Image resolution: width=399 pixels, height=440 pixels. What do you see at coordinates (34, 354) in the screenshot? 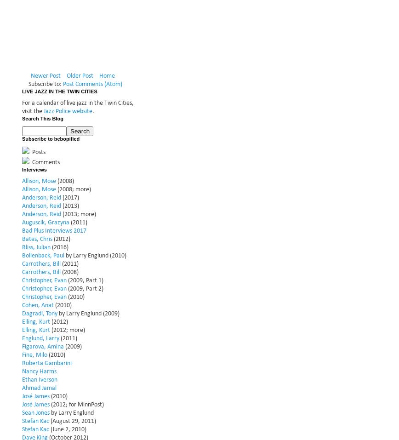
I see `'Fine, Milo'` at bounding box center [34, 354].